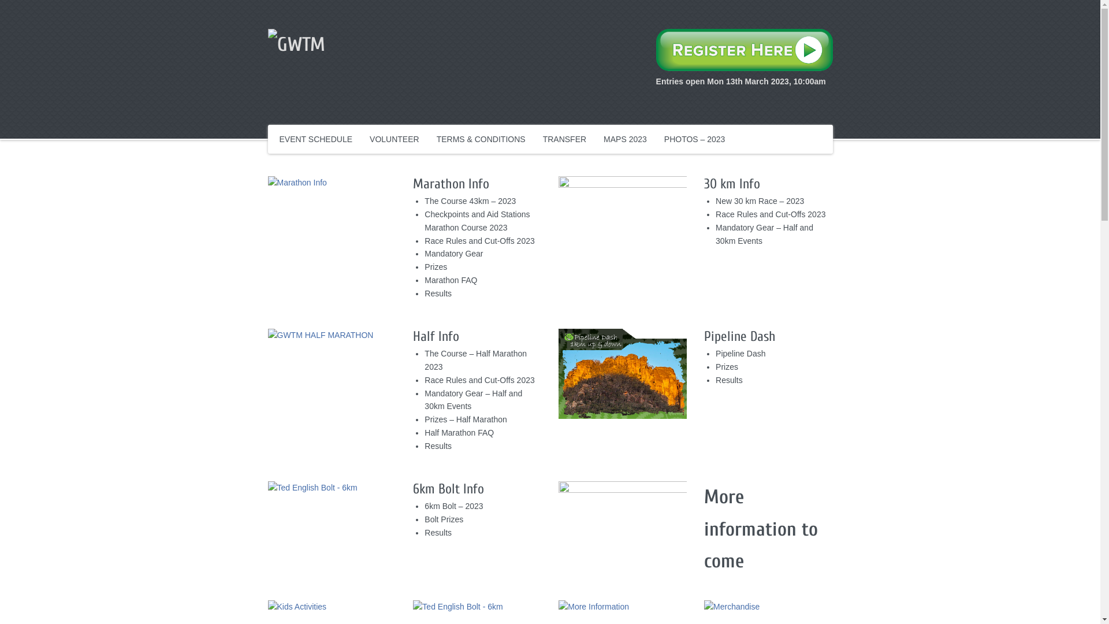  I want to click on 'EVENT SCHEDULE', so click(316, 138).